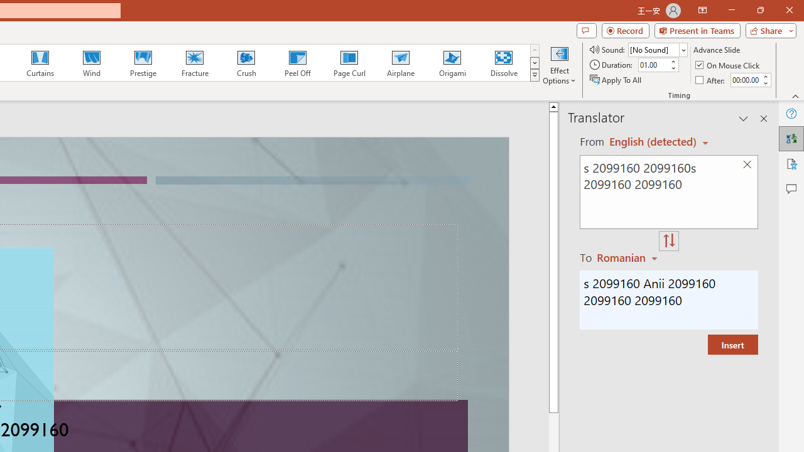 This screenshot has height=452, width=804. I want to click on 'Apply To All', so click(616, 80).